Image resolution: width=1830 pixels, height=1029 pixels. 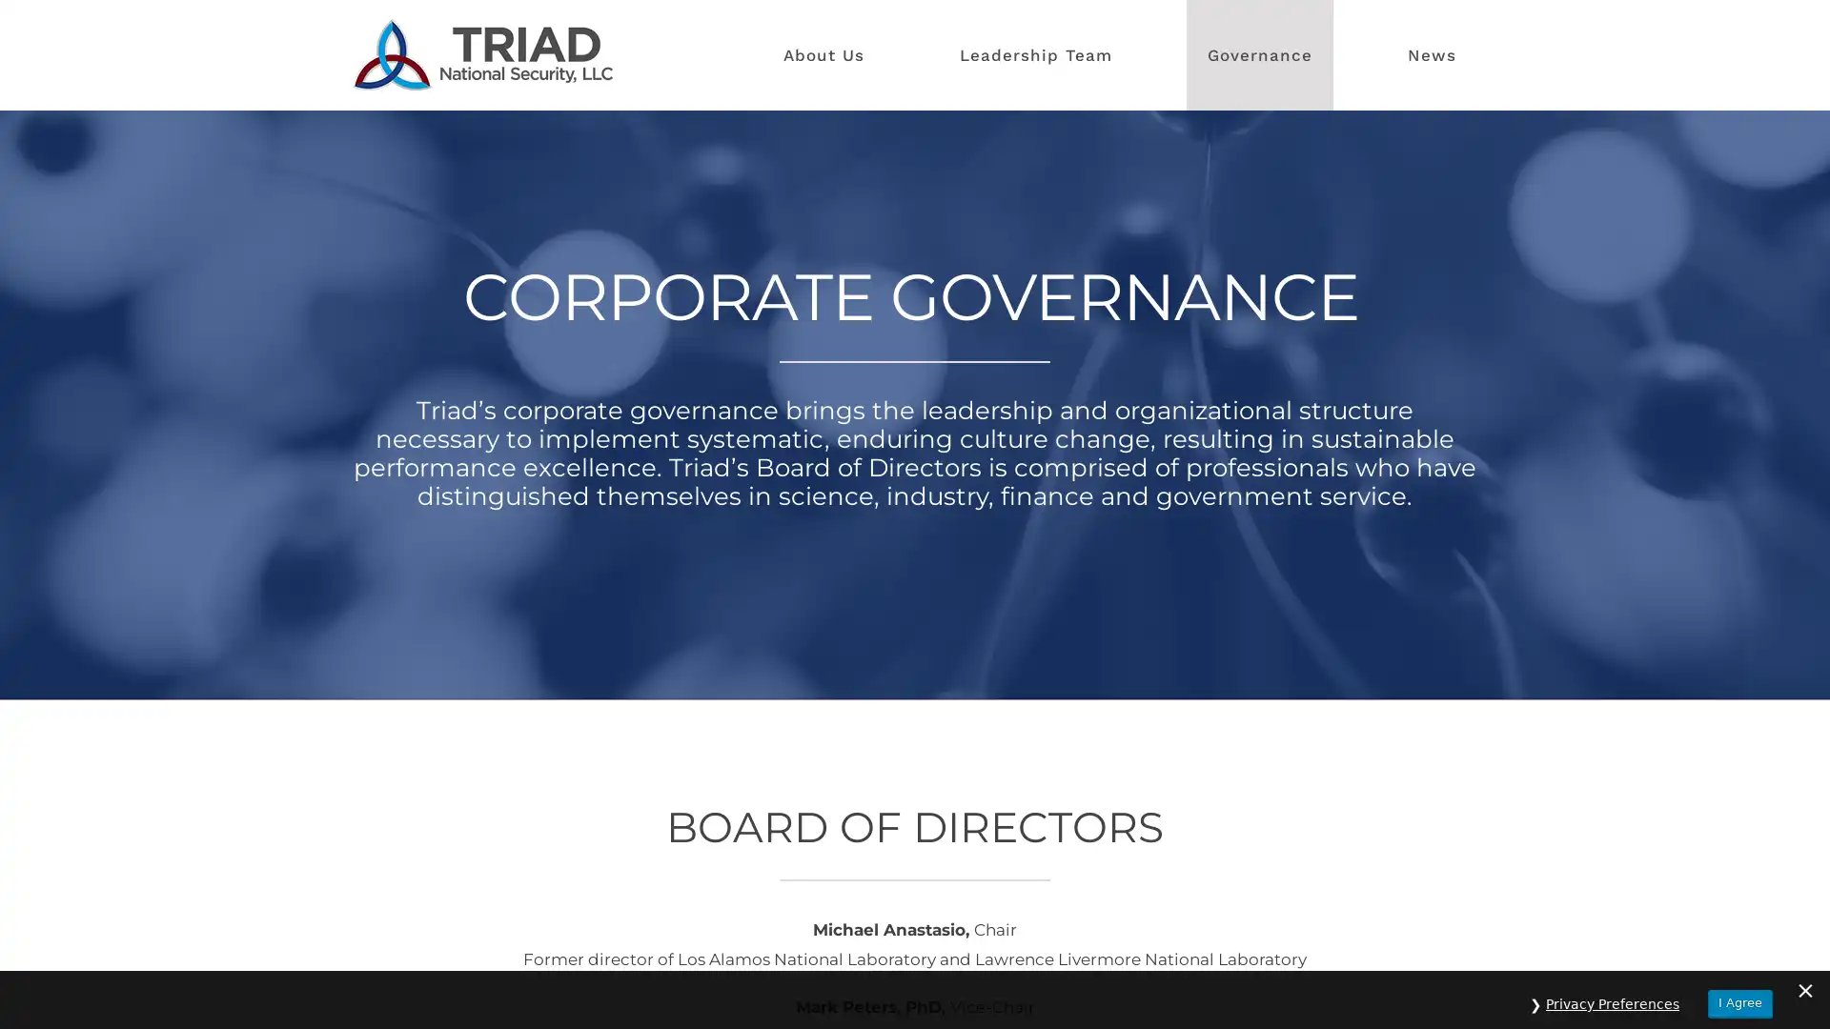 What do you see at coordinates (1739, 993) in the screenshot?
I see `I Agree` at bounding box center [1739, 993].